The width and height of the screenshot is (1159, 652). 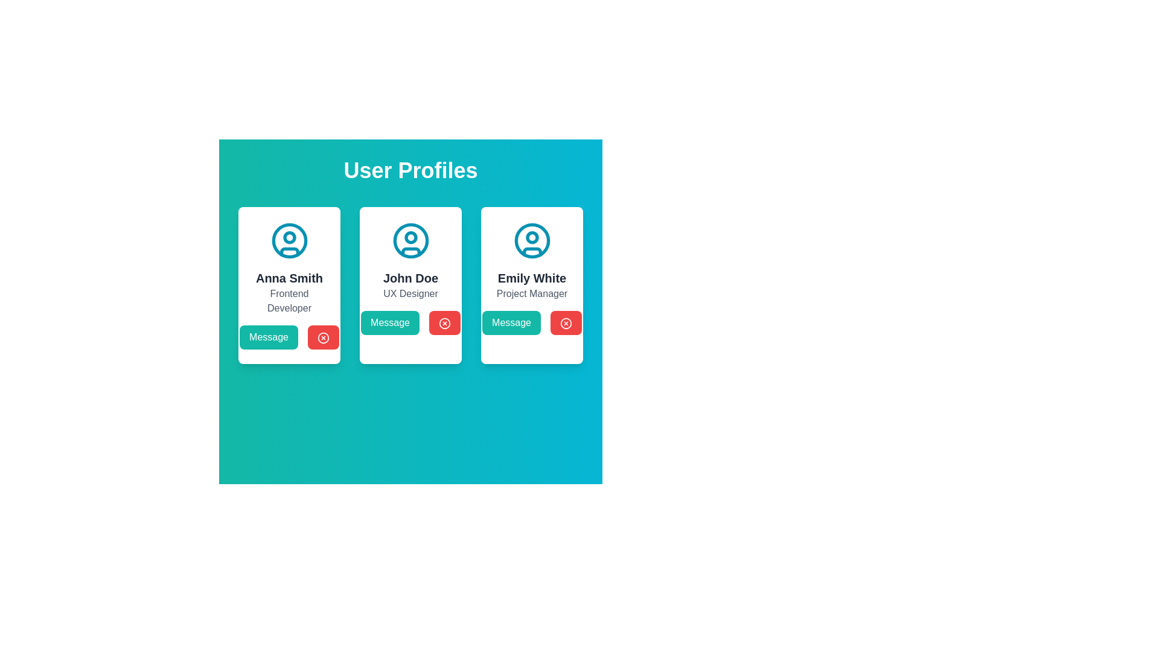 I want to click on the circular user icon representing the profile avatar of 'John Doe', which is styled with a cyan color fill and located at the top of the user profile card, so click(x=410, y=240).